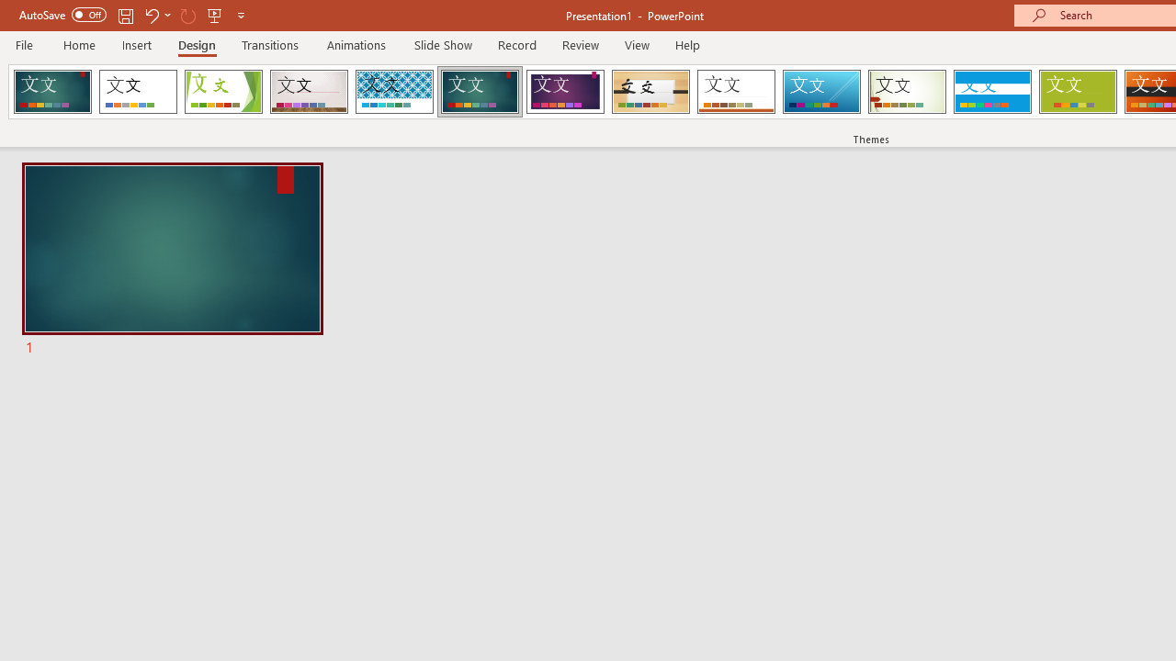 The height and width of the screenshot is (661, 1176). Describe the element at coordinates (991, 92) in the screenshot. I see `'Banded Loading Preview...'` at that location.